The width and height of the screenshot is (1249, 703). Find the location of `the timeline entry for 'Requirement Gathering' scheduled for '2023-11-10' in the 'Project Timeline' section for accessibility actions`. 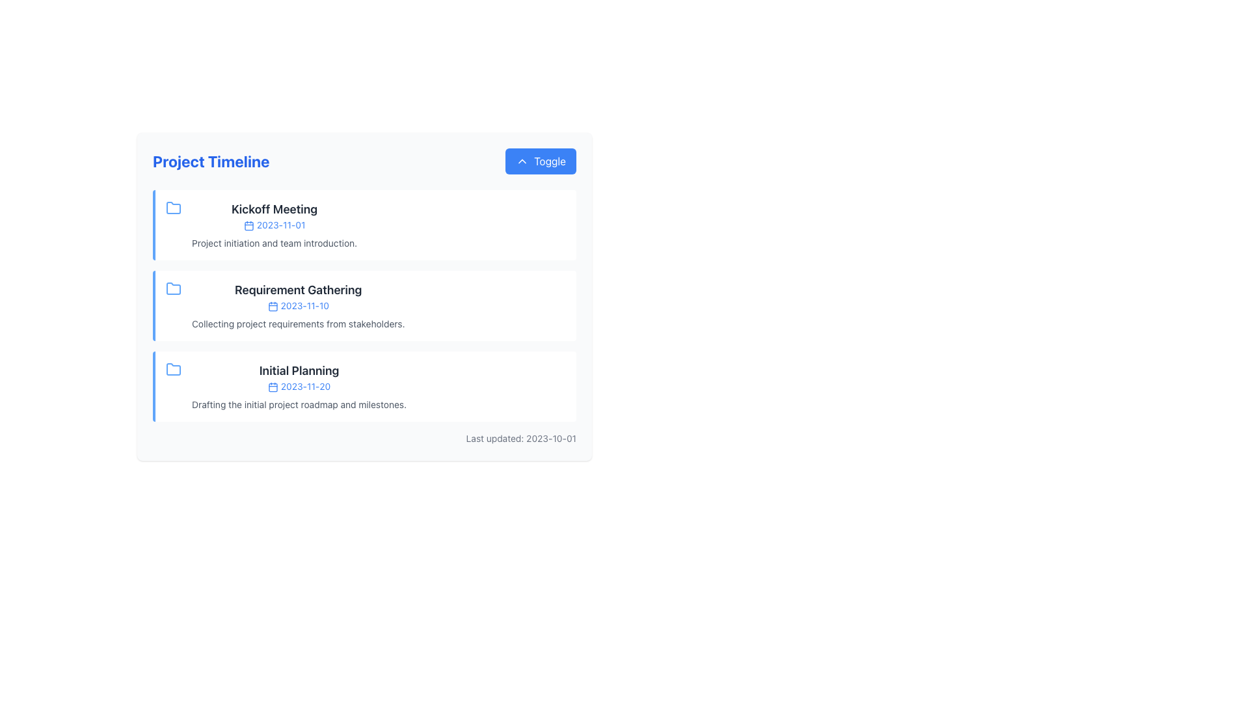

the timeline entry for 'Requirement Gathering' scheduled for '2023-11-10' in the 'Project Timeline' section for accessibility actions is located at coordinates (297, 306).